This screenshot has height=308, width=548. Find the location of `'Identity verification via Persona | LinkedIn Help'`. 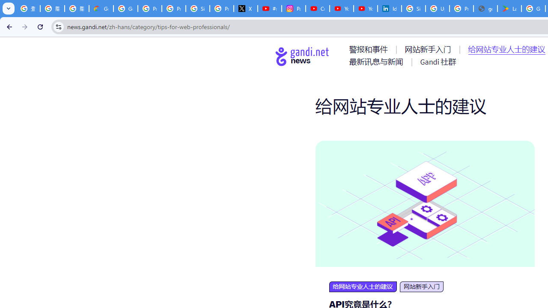

'Identity verification via Persona | LinkedIn Help' is located at coordinates (389, 9).